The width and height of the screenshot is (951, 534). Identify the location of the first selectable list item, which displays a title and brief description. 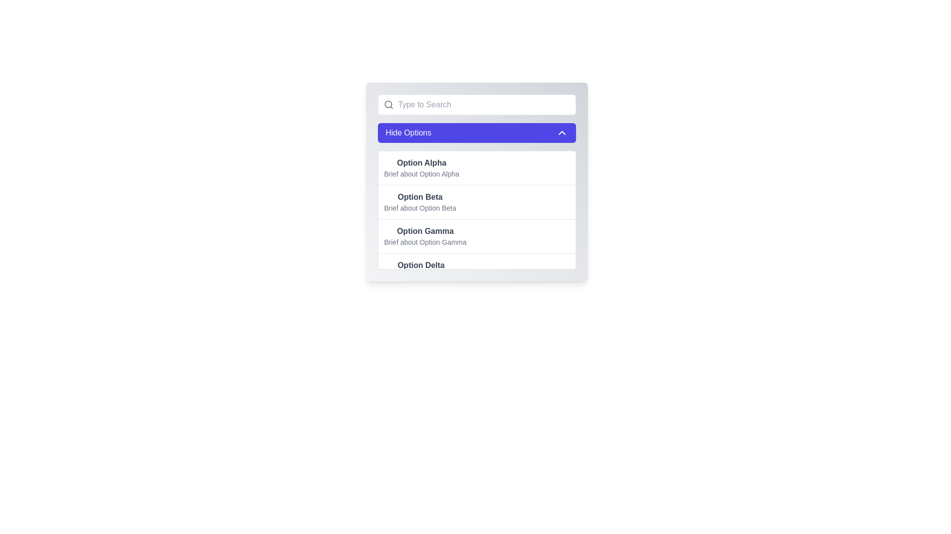
(476, 181).